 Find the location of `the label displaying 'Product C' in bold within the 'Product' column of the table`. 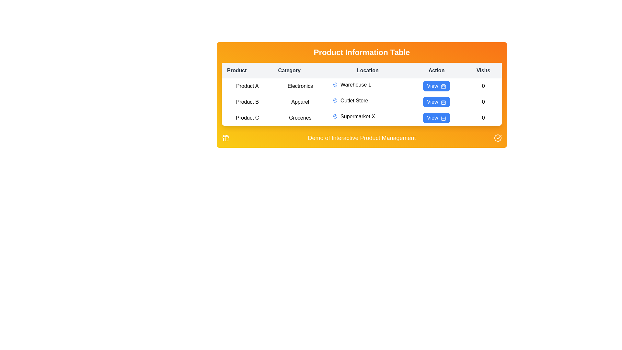

the label displaying 'Product C' in bold within the 'Product' column of the table is located at coordinates (247, 118).